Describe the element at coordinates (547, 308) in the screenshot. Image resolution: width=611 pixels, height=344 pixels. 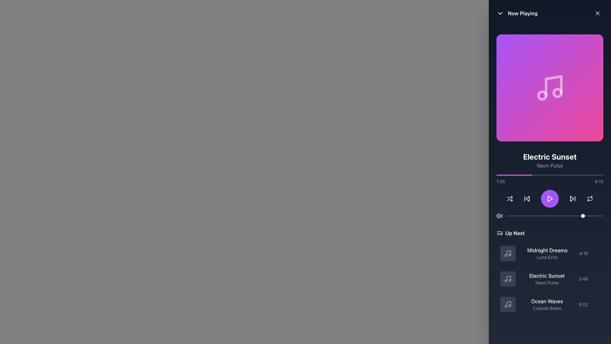
I see `displayed text 'Coastal Beats' which is a secondary text label positioned below the title 'Ocean Waves' in the 'Up Next' list` at that location.